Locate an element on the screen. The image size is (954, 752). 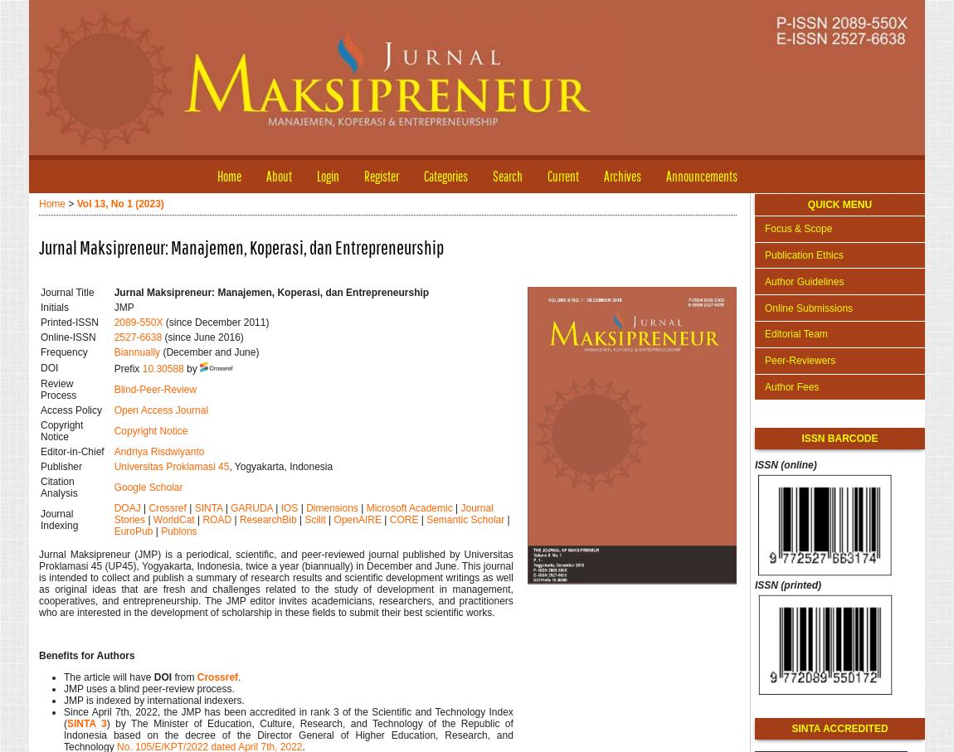
'(since December 2011)' is located at coordinates (215, 322).